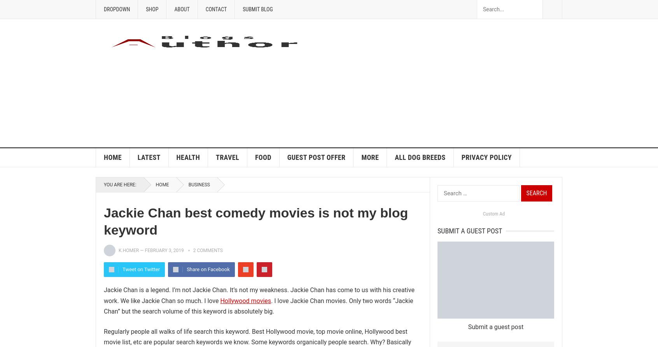 The width and height of the screenshot is (658, 347). I want to click on '. I love Jackie Chan movies. Only two words “Jackie Chan” but the search volume of this keyword is absolutely big.', so click(103, 305).